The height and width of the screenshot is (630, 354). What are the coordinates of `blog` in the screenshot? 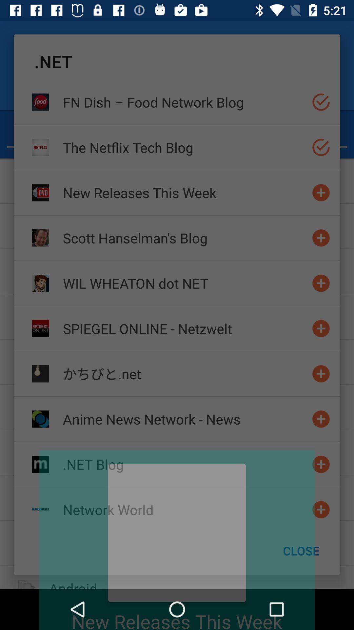 It's located at (321, 328).